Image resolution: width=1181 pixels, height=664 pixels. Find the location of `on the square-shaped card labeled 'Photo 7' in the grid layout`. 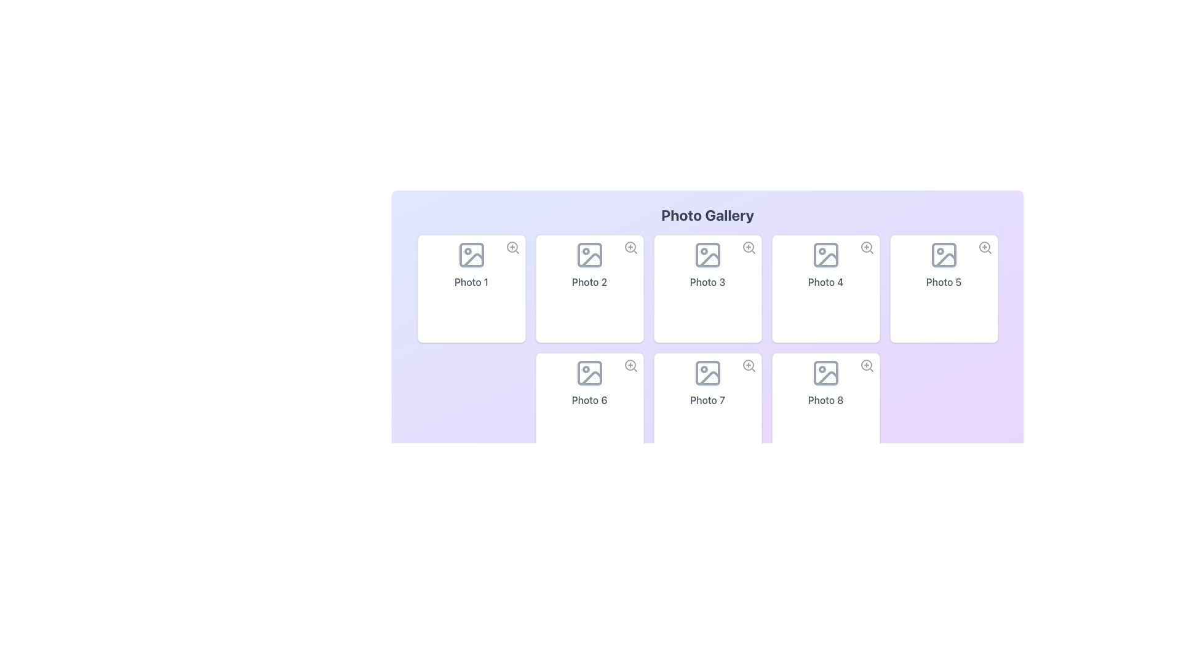

on the square-shaped card labeled 'Photo 7' in the grid layout is located at coordinates (707, 407).